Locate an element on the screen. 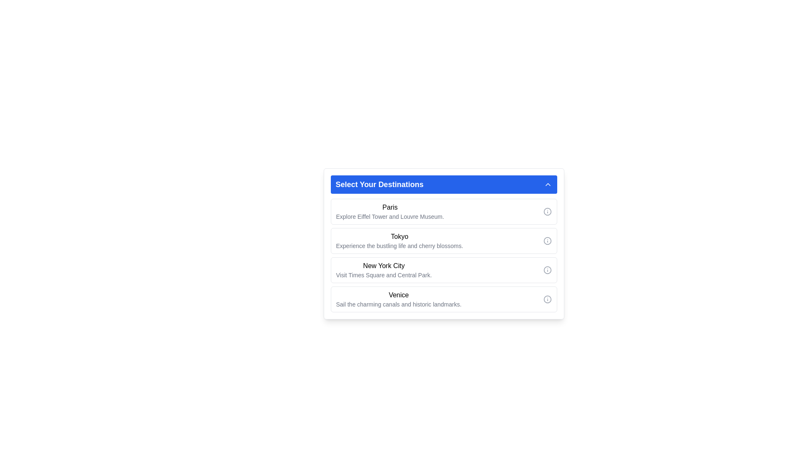 This screenshot has height=451, width=802. the title text label for the 'New York City' destination entry, which is positioned in the third slot of a list of destinations is located at coordinates (383, 266).